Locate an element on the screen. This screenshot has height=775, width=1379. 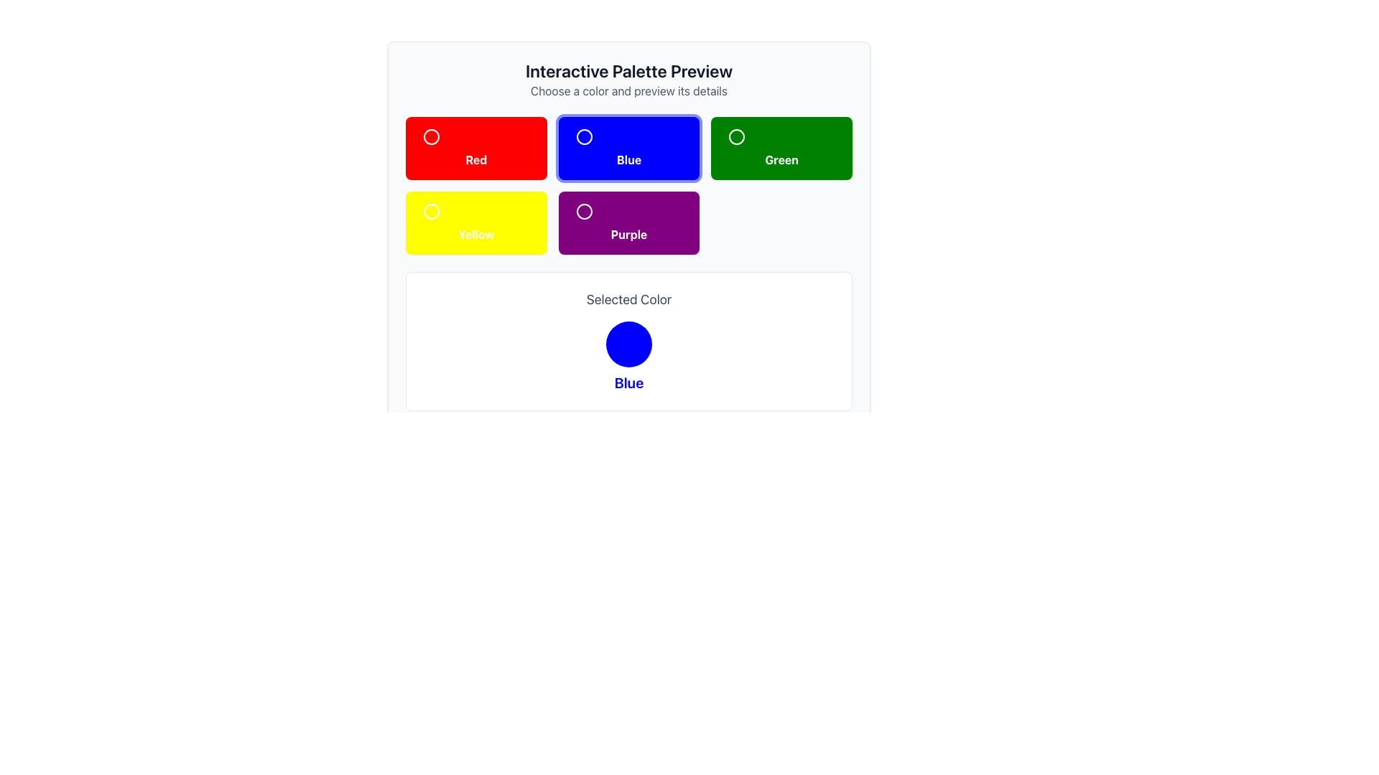
the visual state of the filled white circle located within the green rectangular button labeled 'Green' in the top right corner of the 'Interactive Palette Preview' is located at coordinates (737, 137).